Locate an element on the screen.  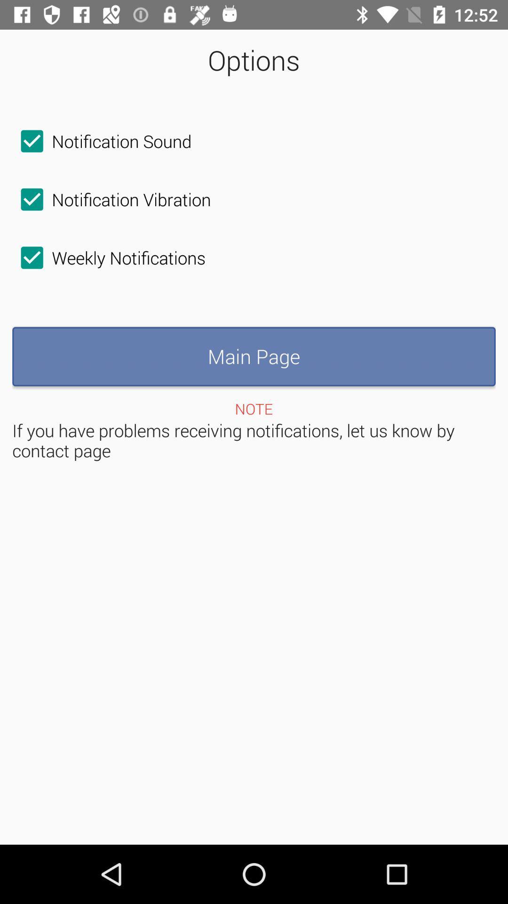
main page is located at coordinates (254, 356).